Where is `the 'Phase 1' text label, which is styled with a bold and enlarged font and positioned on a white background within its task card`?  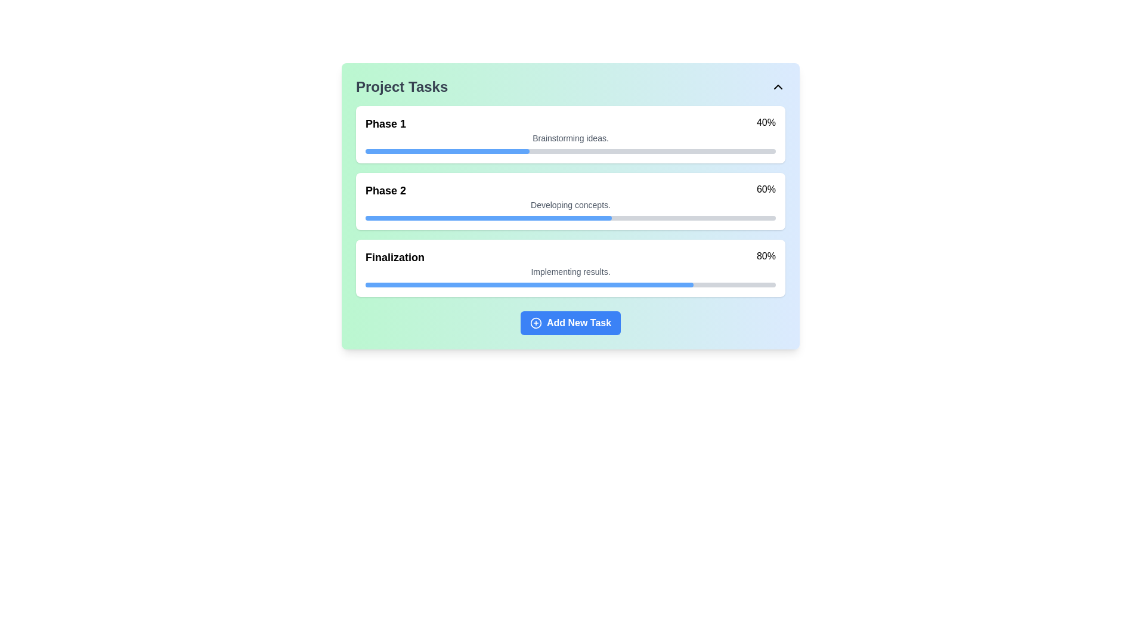 the 'Phase 1' text label, which is styled with a bold and enlarged font and positioned on a white background within its task card is located at coordinates (386, 124).